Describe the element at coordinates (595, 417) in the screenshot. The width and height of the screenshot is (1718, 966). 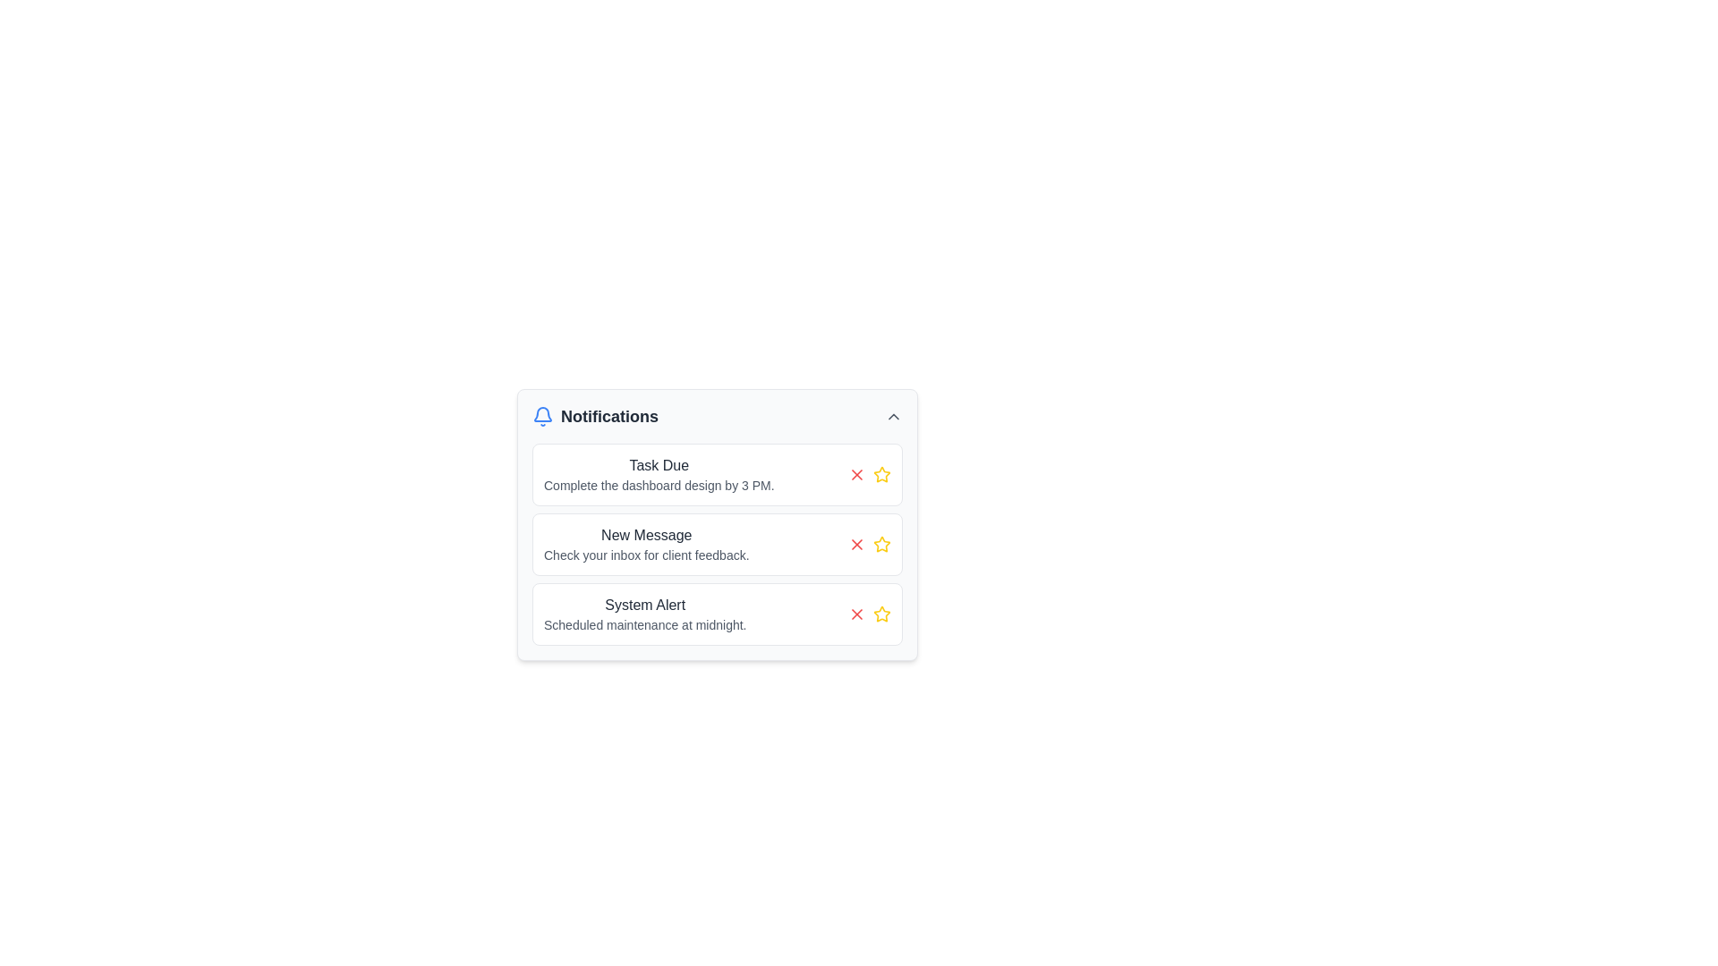
I see `the Text Label that serves as a section title for the notification panel, located next to the bell icon` at that location.